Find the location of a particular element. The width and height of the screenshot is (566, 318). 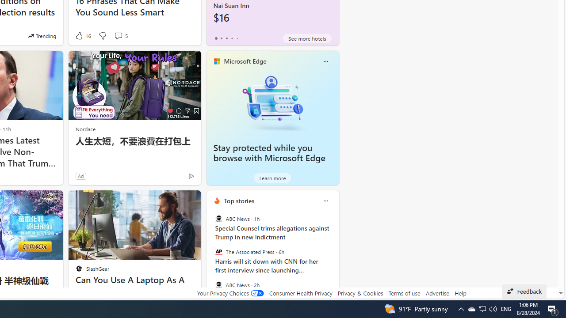

'See more hotels' is located at coordinates (307, 38).